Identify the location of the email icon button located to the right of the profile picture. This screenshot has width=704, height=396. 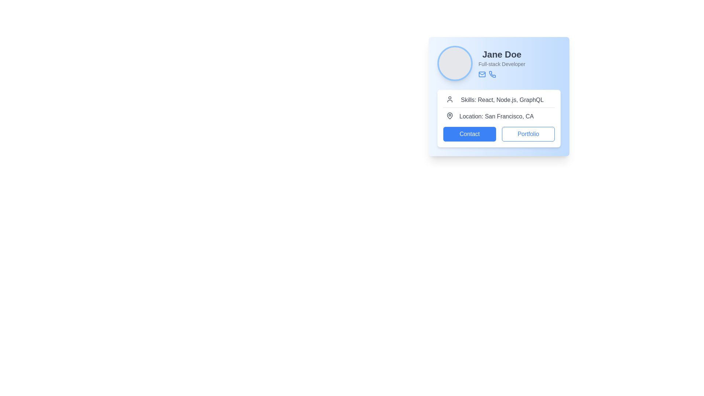
(482, 74).